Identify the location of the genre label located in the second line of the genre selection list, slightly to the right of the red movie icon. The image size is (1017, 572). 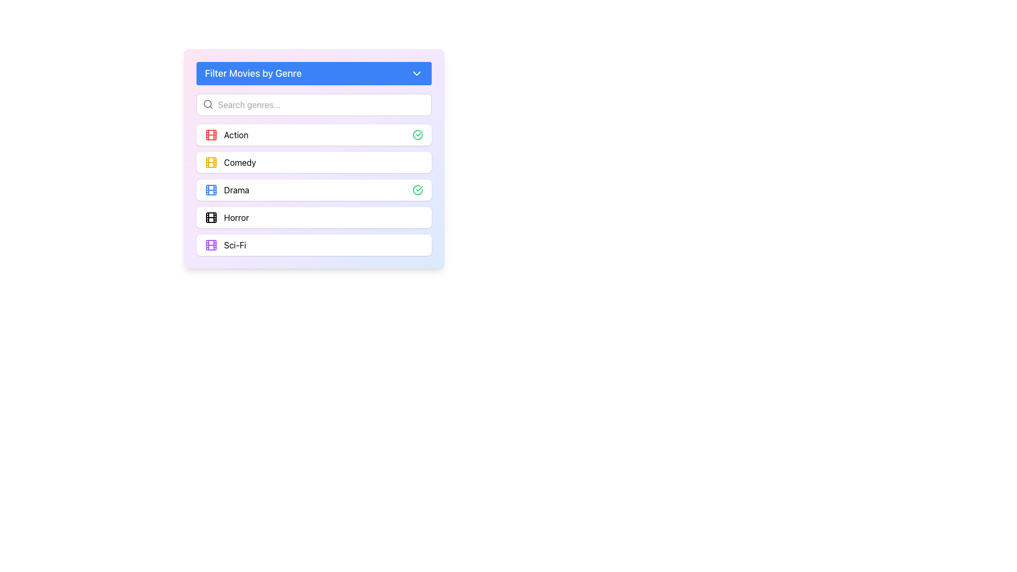
(236, 134).